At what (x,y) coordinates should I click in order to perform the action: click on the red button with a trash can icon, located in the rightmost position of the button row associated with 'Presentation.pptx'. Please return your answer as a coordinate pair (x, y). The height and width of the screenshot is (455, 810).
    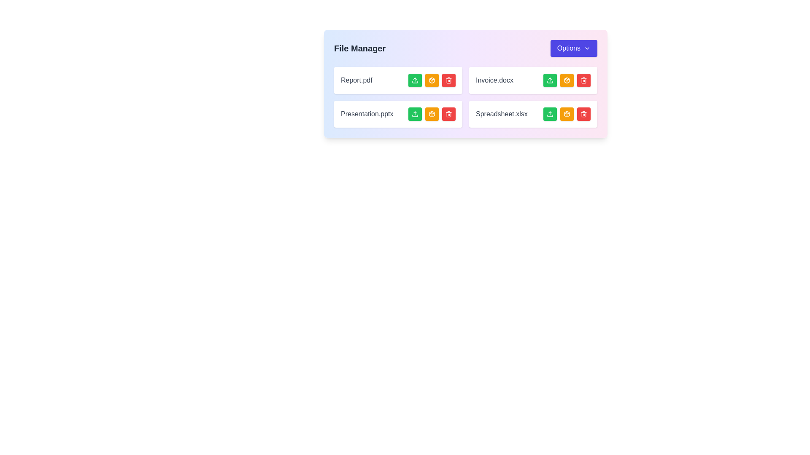
    Looking at the image, I should click on (448, 114).